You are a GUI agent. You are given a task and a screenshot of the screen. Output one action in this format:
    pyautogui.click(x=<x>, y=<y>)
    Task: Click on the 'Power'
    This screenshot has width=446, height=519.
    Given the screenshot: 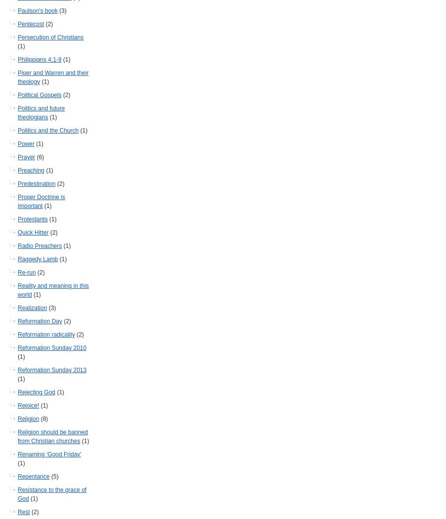 What is the action you would take?
    pyautogui.click(x=25, y=143)
    